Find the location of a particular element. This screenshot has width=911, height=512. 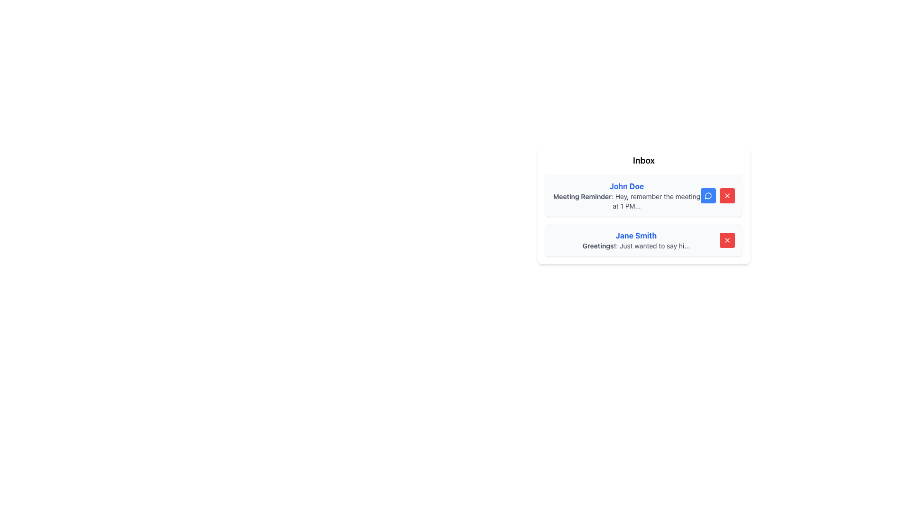

bold and blue-colored text label 'John Doe' which identifies the sender in the first message block of the inbox layout is located at coordinates (626, 186).